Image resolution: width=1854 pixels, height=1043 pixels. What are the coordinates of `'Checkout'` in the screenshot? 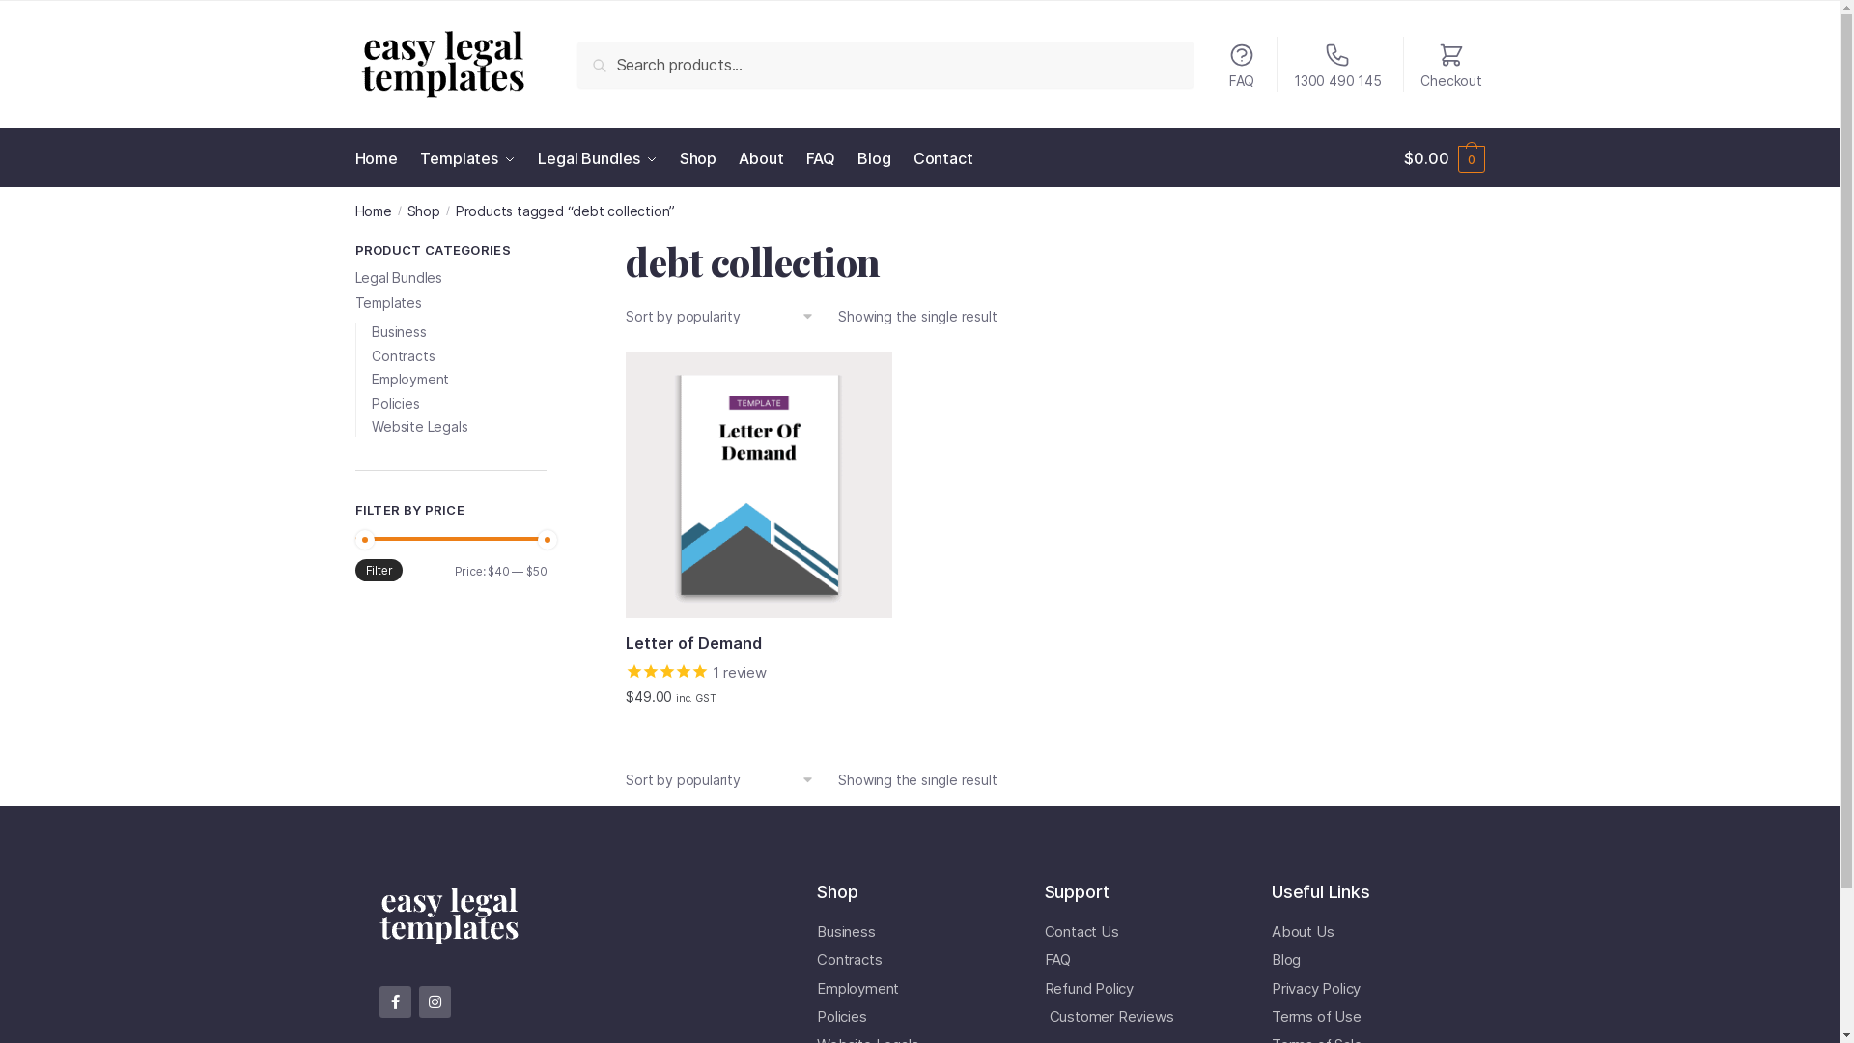 It's located at (1409, 63).